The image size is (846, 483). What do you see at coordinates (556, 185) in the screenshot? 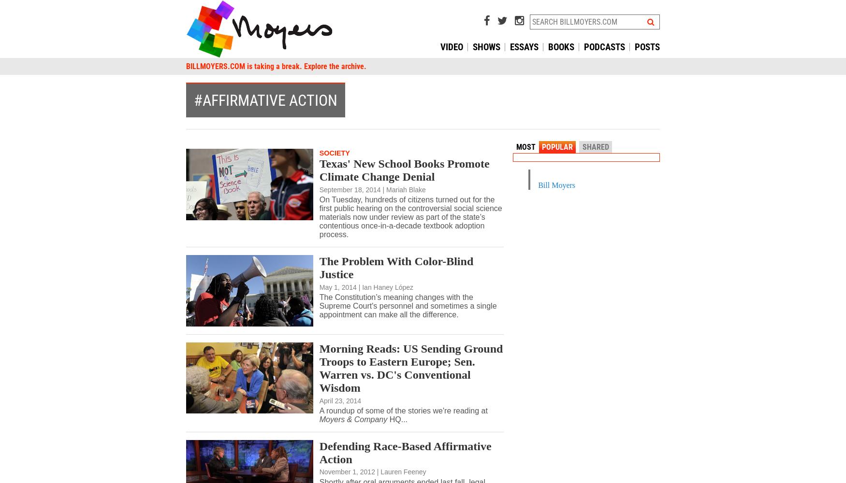
I see `'Bill Moyers'` at bounding box center [556, 185].